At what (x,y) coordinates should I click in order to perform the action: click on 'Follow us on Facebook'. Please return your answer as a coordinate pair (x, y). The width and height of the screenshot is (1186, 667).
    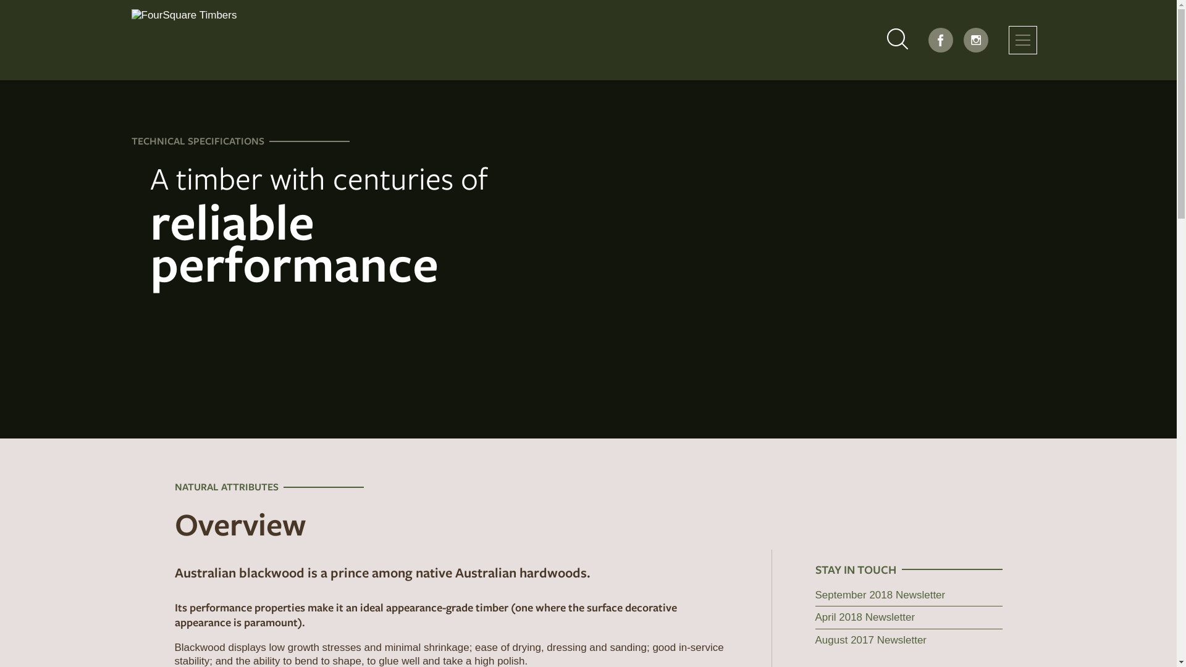
    Looking at the image, I should click on (940, 40).